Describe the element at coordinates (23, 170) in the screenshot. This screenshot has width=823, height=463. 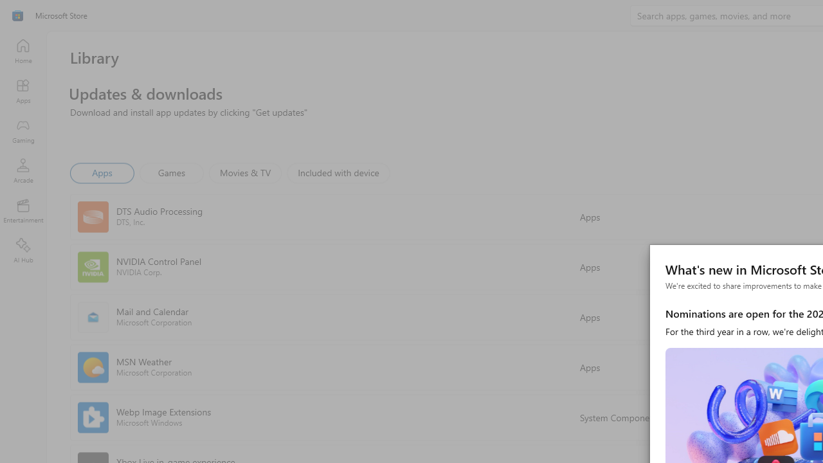
I see `'Arcade'` at that location.